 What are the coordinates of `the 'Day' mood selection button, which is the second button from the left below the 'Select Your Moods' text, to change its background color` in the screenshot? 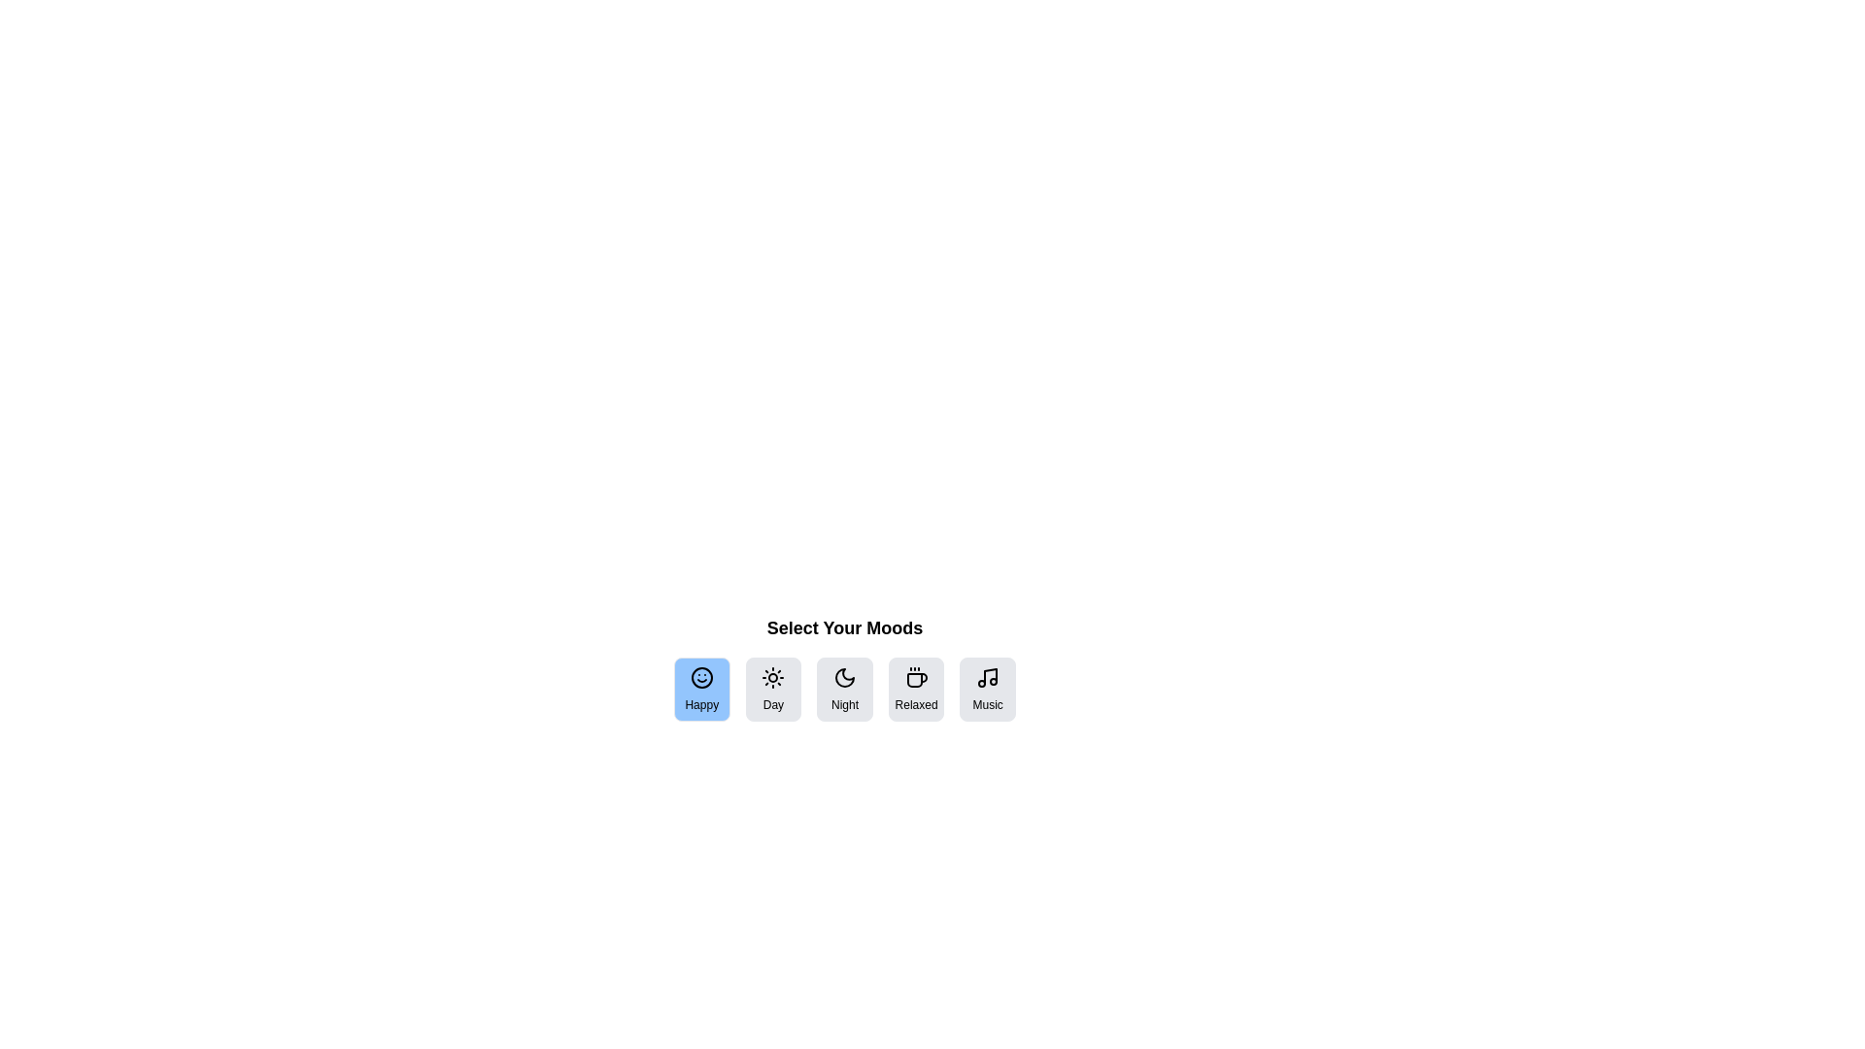 It's located at (772, 688).